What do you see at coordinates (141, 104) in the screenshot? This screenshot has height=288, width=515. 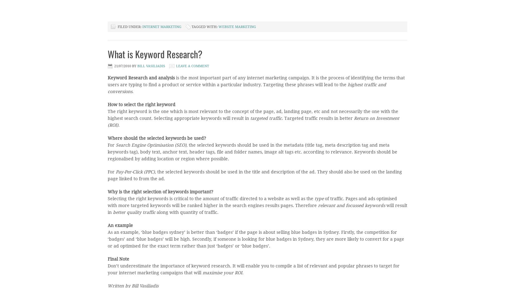 I see `'How to select the right keyword'` at bounding box center [141, 104].